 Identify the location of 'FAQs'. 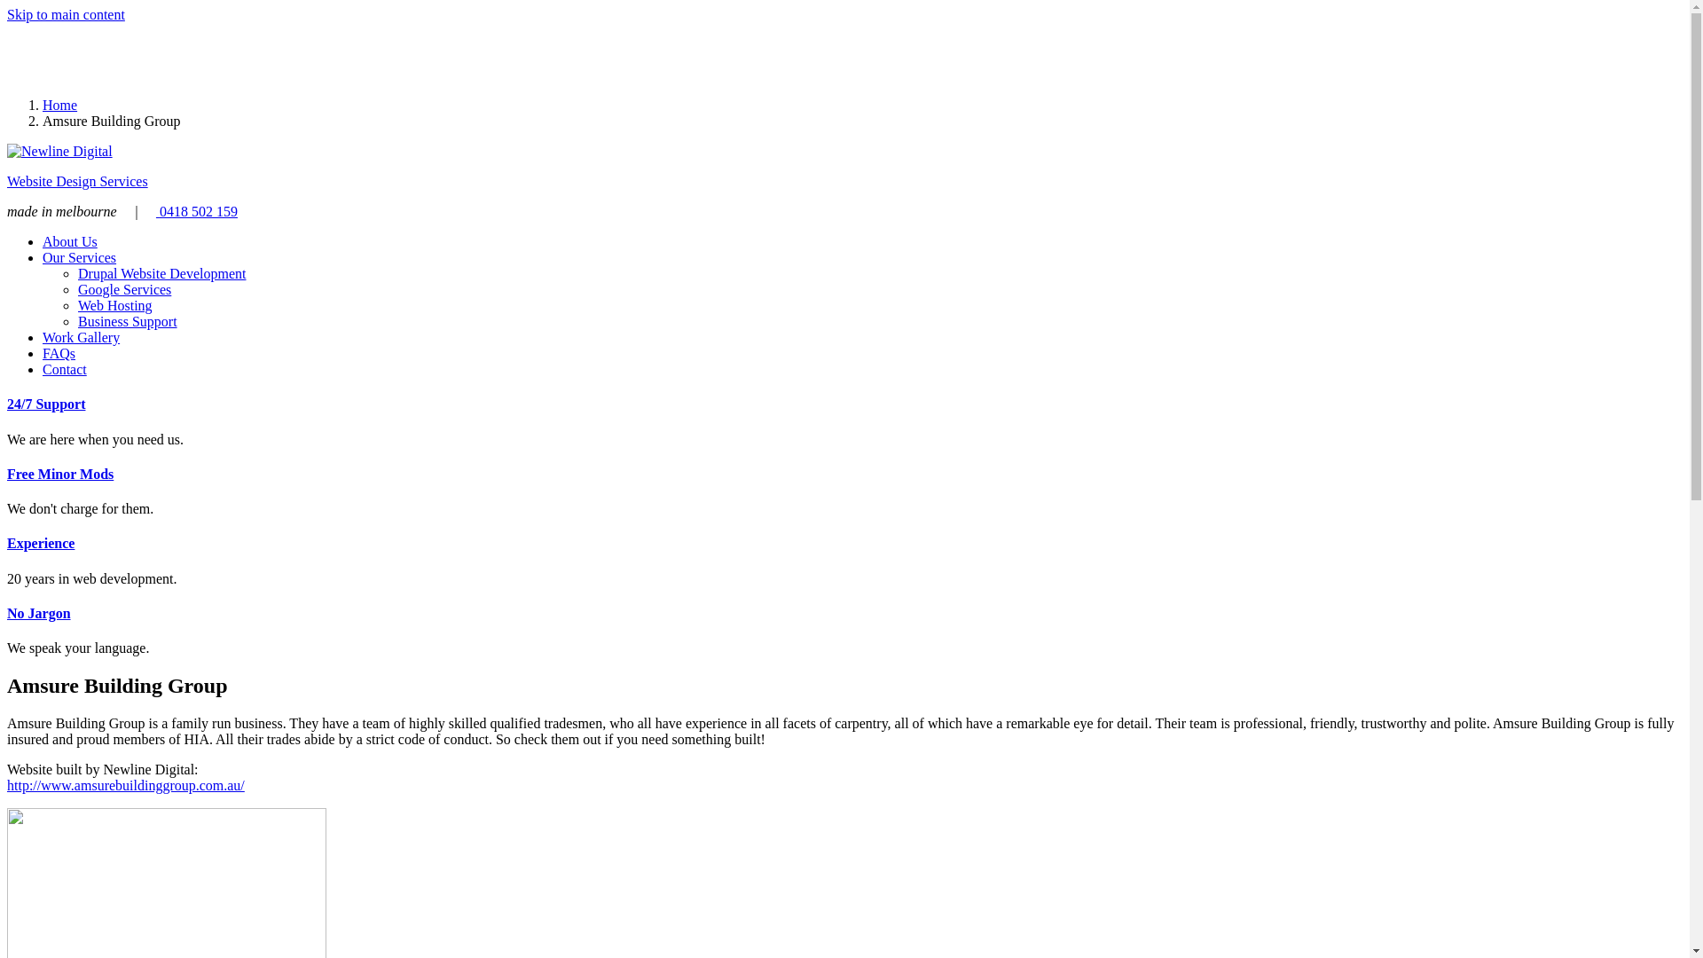
(59, 353).